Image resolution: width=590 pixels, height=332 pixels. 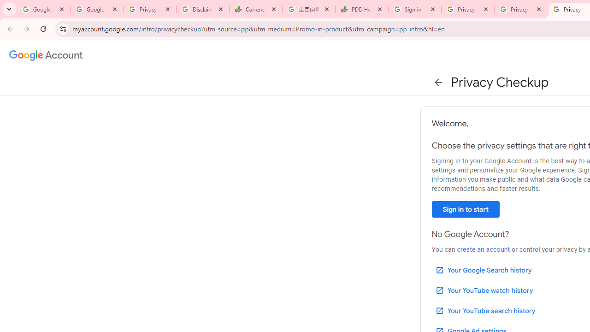 What do you see at coordinates (361, 9) in the screenshot?
I see `'PDD Holdings Inc - ADR (PDD) Price & News - Google Finance'` at bounding box center [361, 9].